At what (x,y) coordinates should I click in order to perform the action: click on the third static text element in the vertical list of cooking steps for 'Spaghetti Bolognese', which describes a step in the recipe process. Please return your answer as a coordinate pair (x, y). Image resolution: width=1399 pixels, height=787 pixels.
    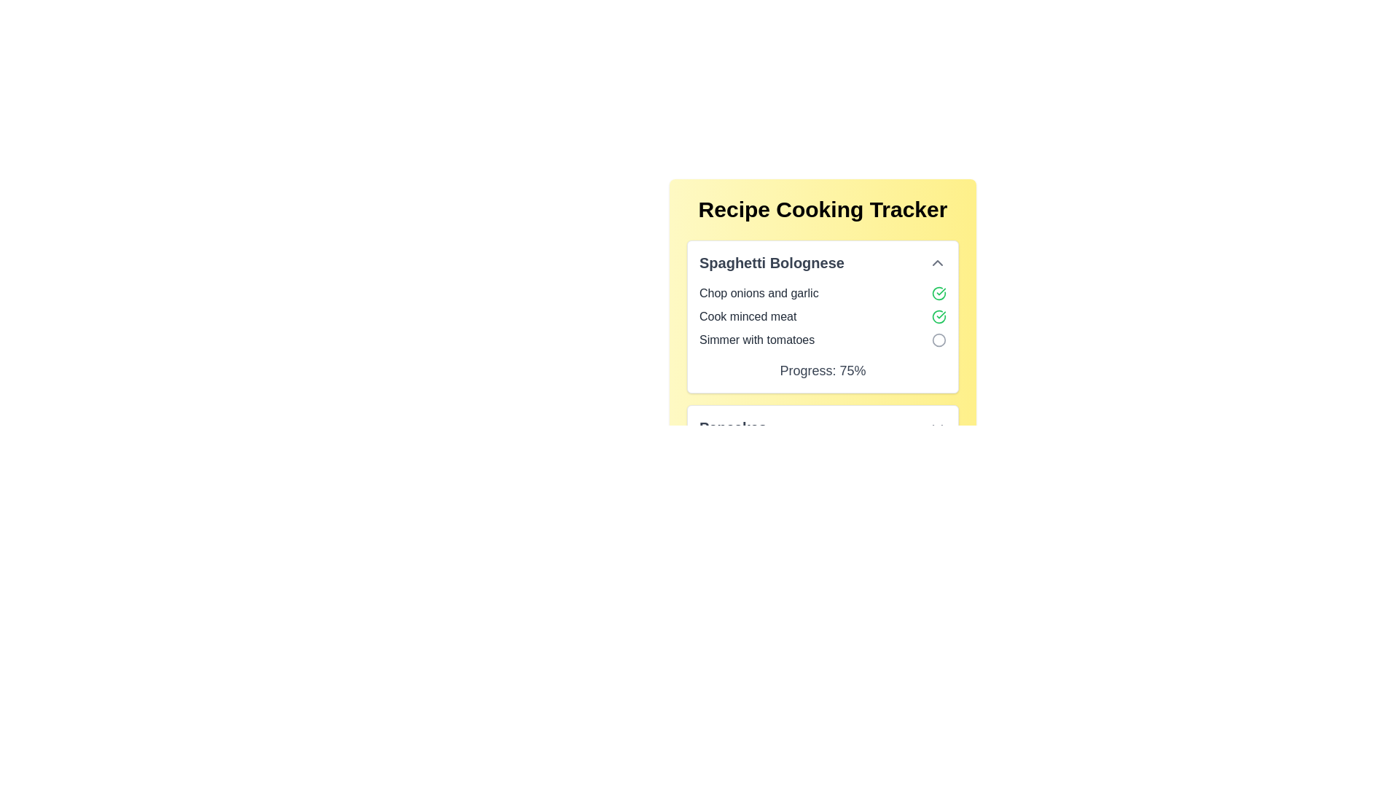
    Looking at the image, I should click on (757, 340).